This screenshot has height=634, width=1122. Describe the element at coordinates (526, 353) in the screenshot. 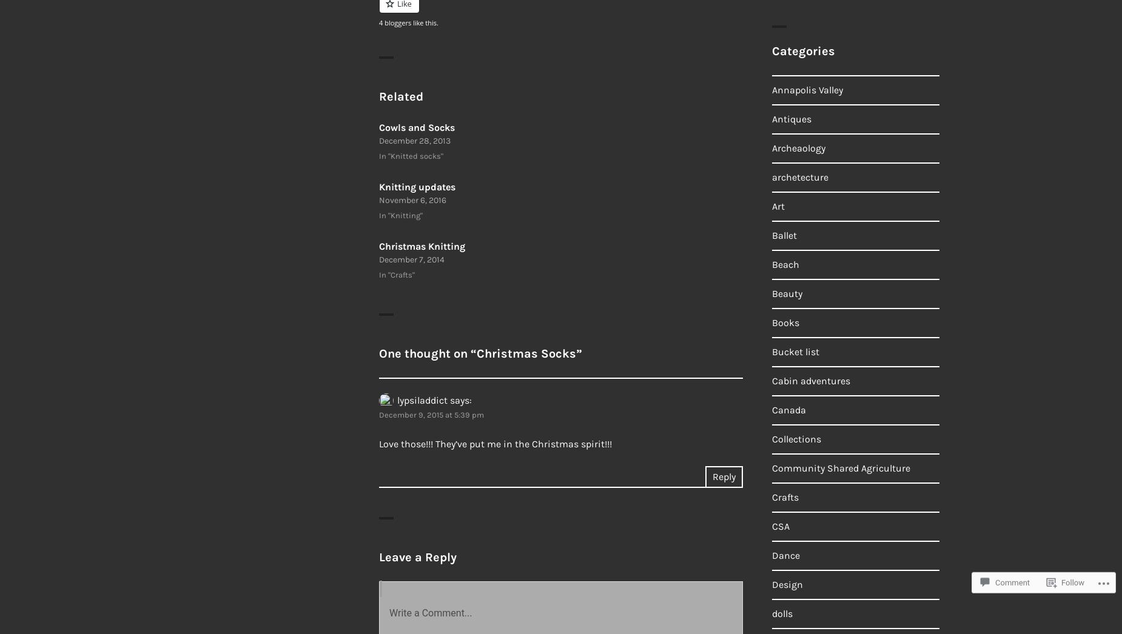

I see `'Christmas Socks'` at that location.